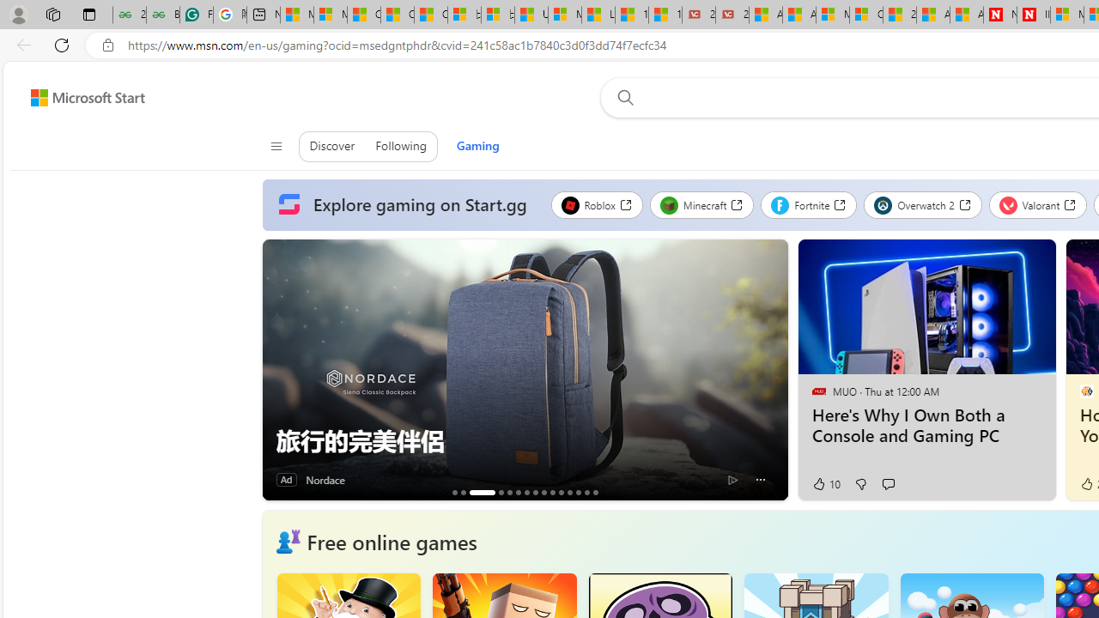 Image resolution: width=1099 pixels, height=618 pixels. What do you see at coordinates (477, 144) in the screenshot?
I see `'Gaming'` at bounding box center [477, 144].